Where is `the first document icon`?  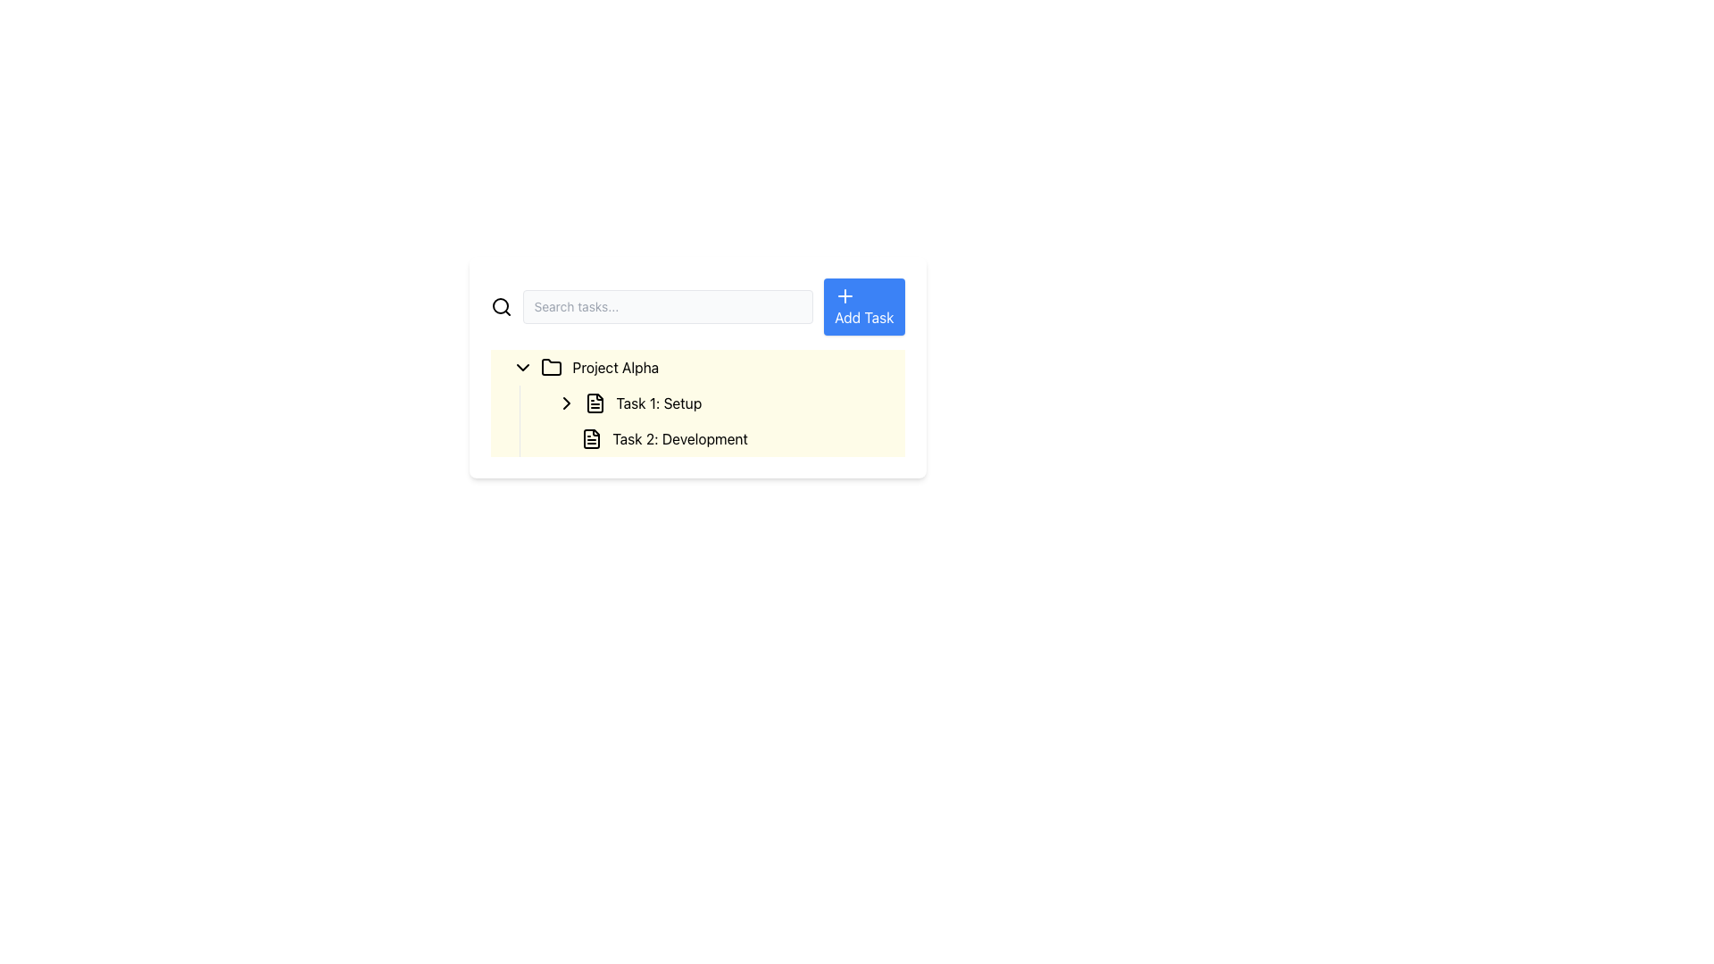
the first document icon is located at coordinates (595, 403).